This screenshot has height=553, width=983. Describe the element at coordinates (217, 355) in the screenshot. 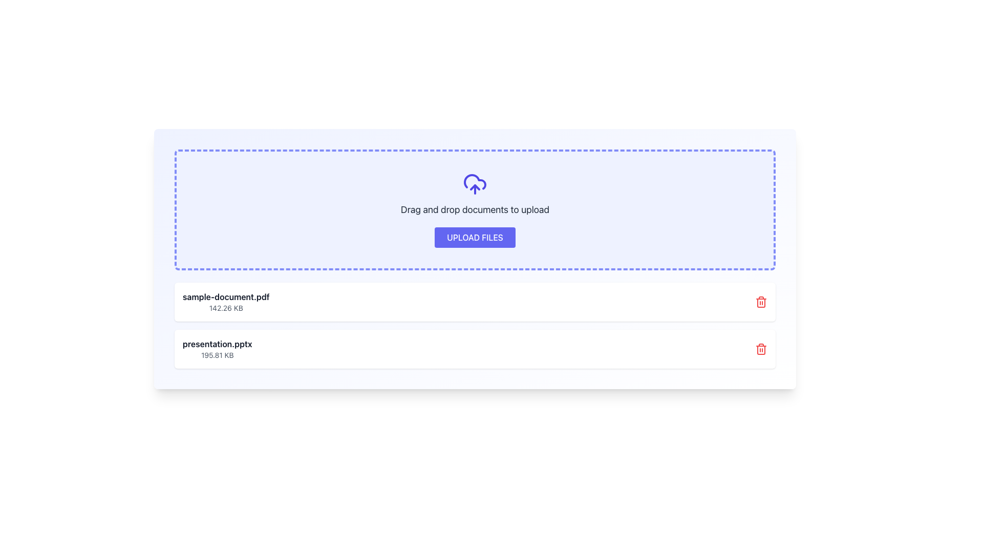

I see `the Text Label indicating the file size of 'presentation.pptx', which is located directly below the filename and aligned horizontally with it` at that location.